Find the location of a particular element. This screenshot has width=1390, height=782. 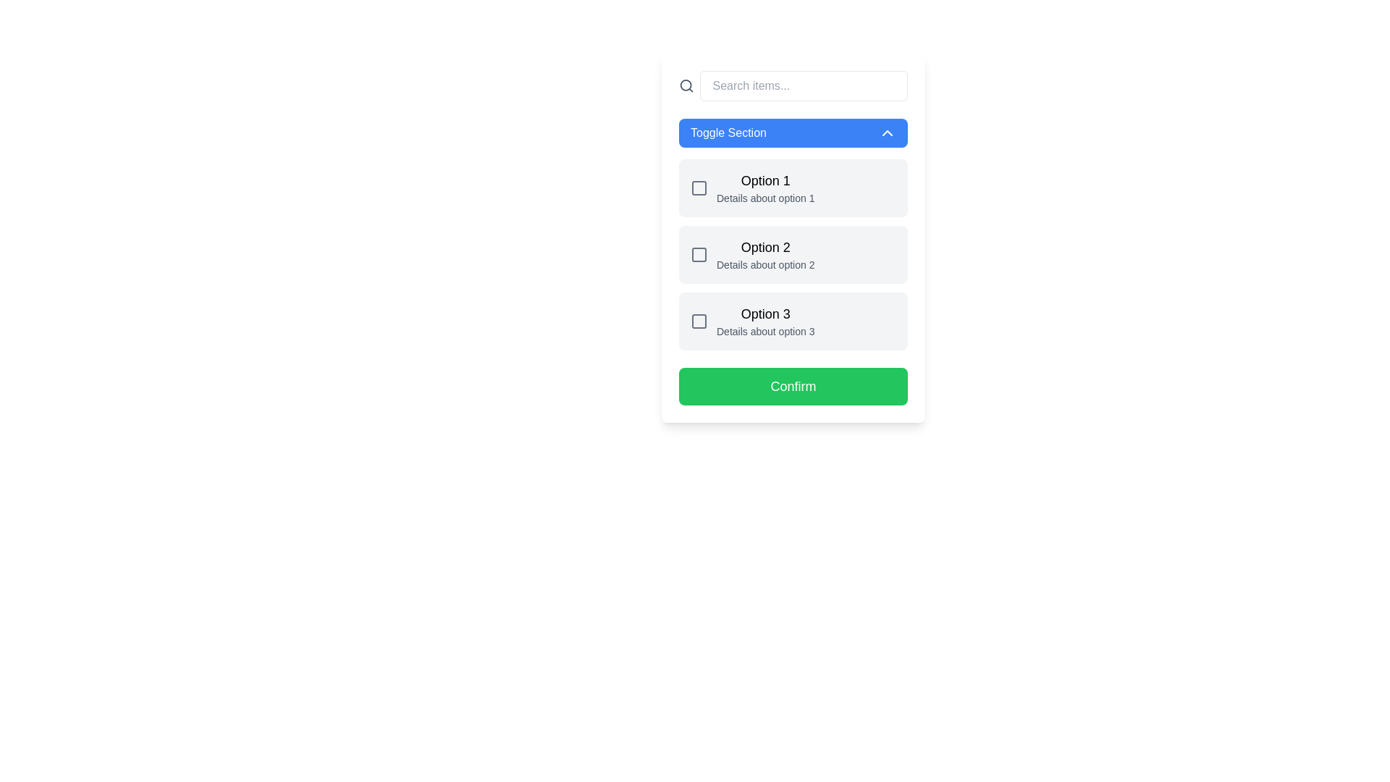

the static text label that provides additional information related to the selection option labeled 'Option 1', located directly below it is located at coordinates (764, 198).